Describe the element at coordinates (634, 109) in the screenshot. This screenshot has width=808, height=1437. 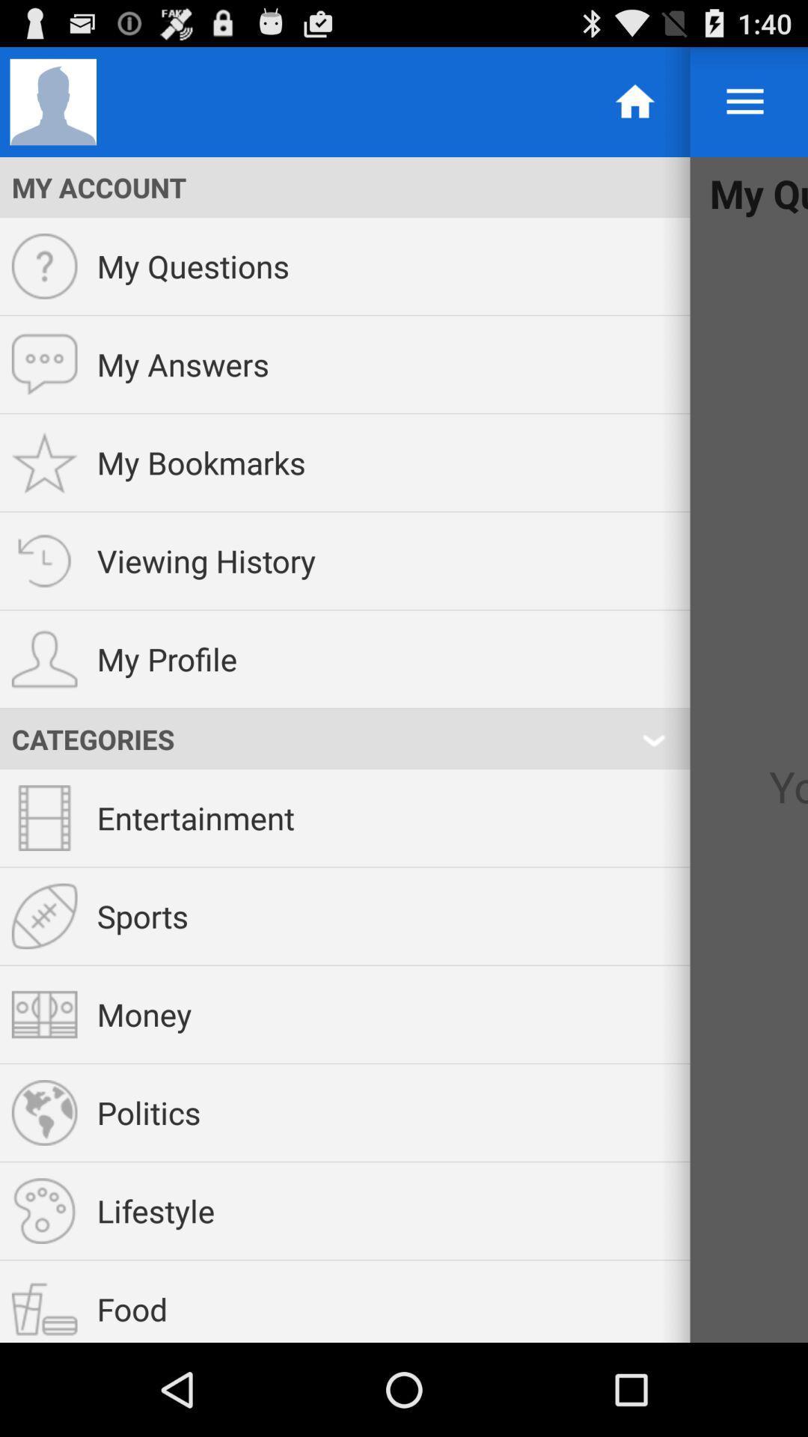
I see `the home icon` at that location.